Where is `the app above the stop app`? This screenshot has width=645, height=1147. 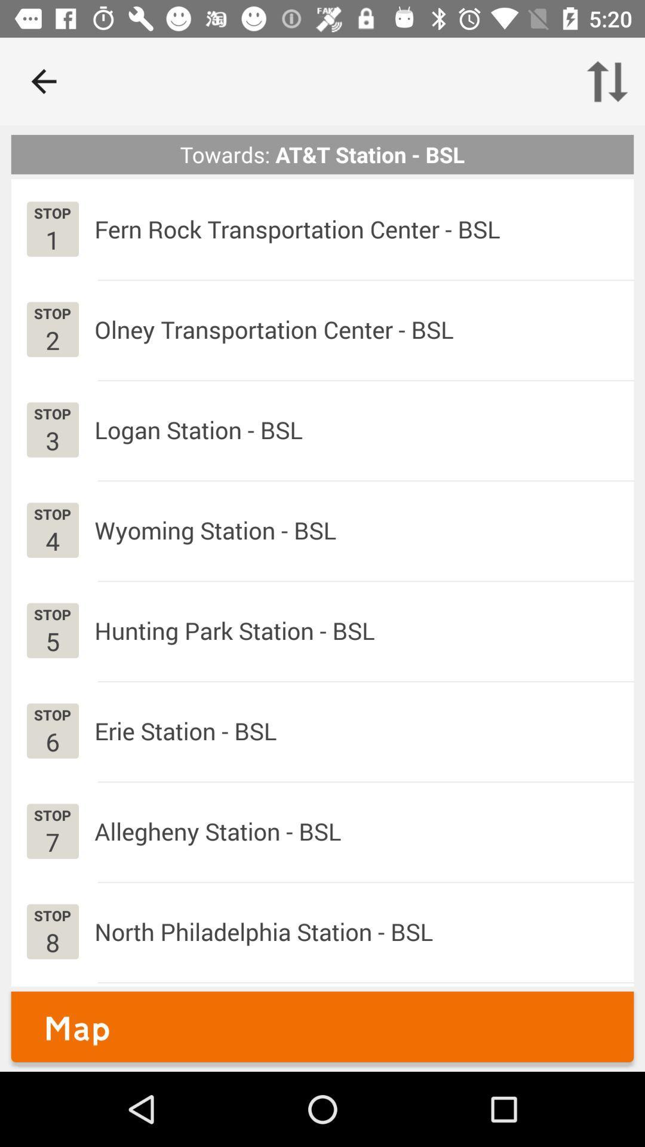 the app above the stop app is located at coordinates (52, 339).